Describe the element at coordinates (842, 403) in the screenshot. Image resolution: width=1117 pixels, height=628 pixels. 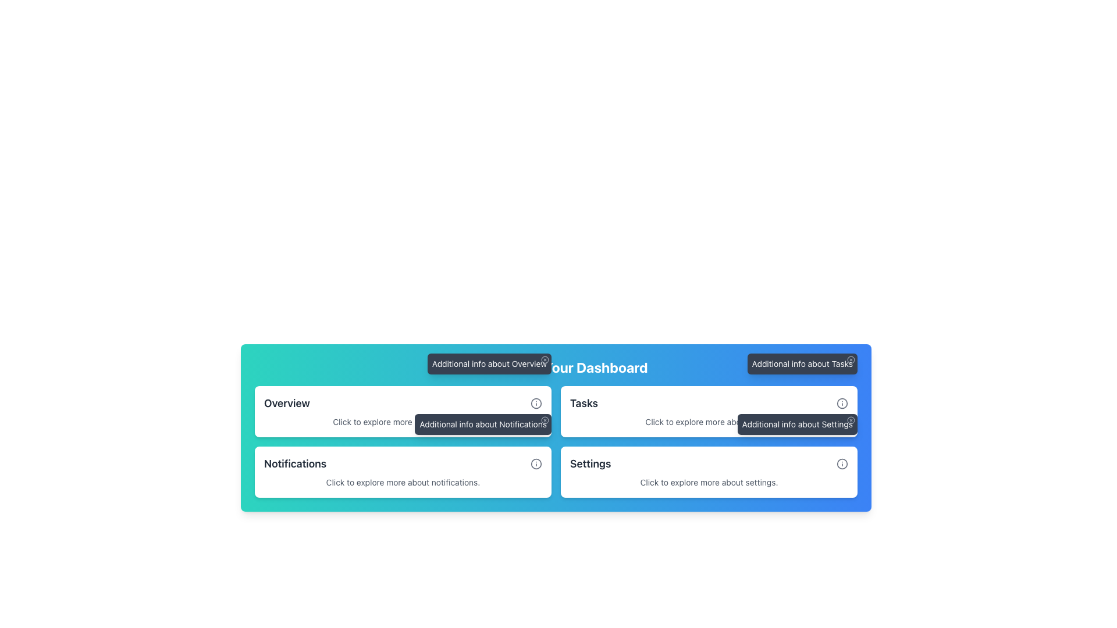
I see `the circular 'i' icon located at the right end of the 'Tasks' heading` at that location.